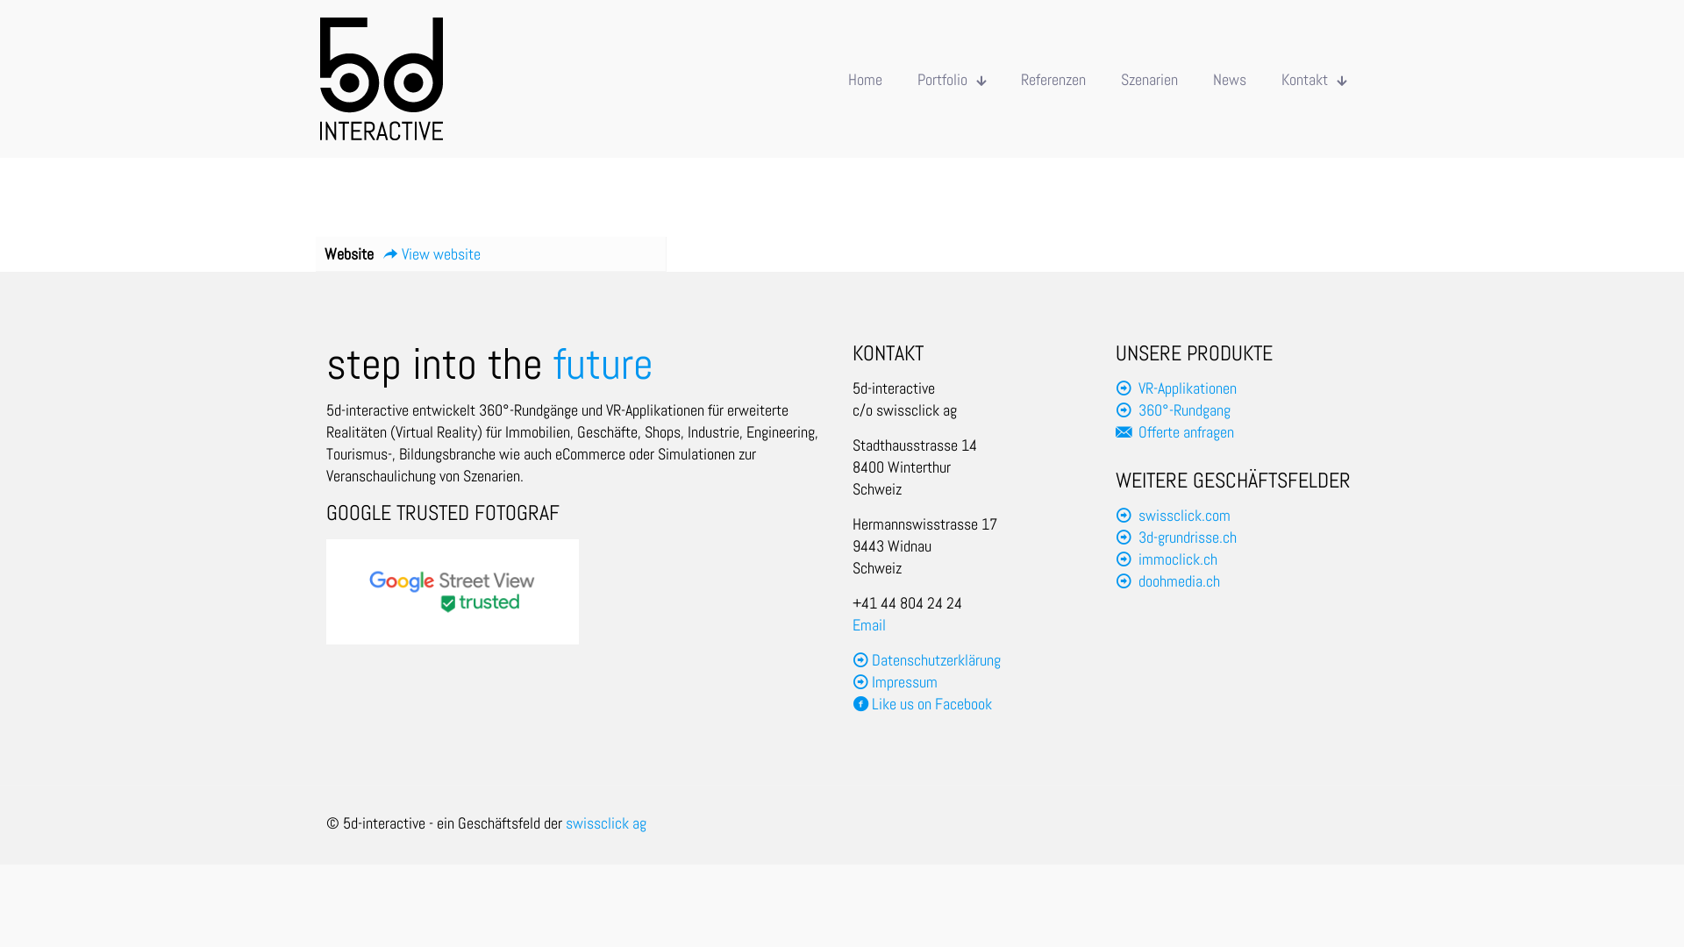 The image size is (1684, 947). What do you see at coordinates (1195, 77) in the screenshot?
I see `'News'` at bounding box center [1195, 77].